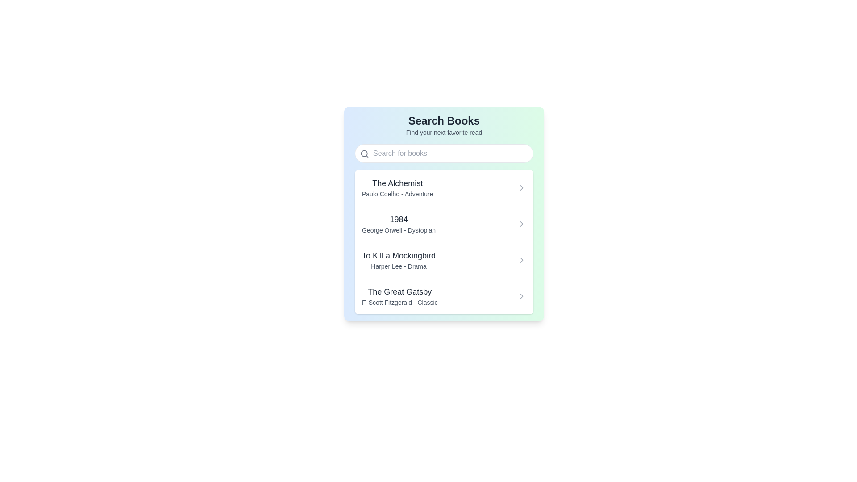  Describe the element at coordinates (522, 187) in the screenshot. I see `the chevron icon at the far-right end of 'The Alchemist' list item row` at that location.